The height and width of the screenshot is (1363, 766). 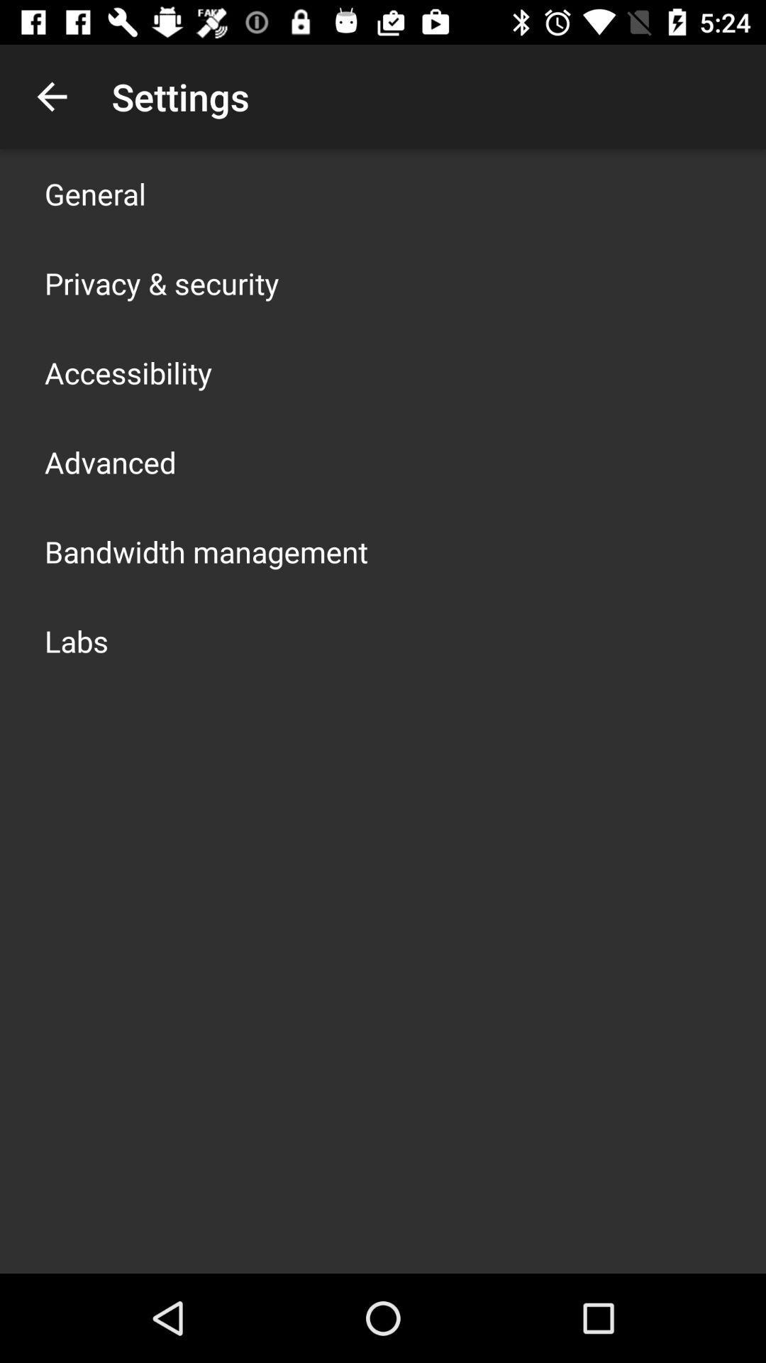 I want to click on item below the accessibility icon, so click(x=109, y=462).